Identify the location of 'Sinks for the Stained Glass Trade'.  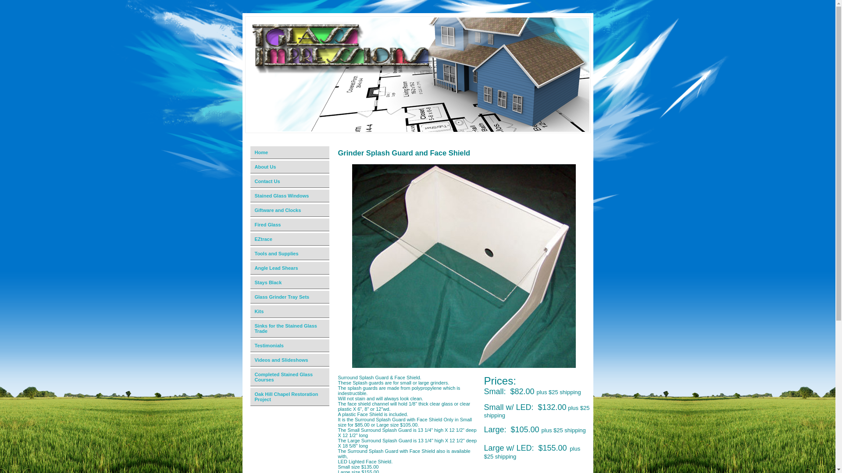
(290, 328).